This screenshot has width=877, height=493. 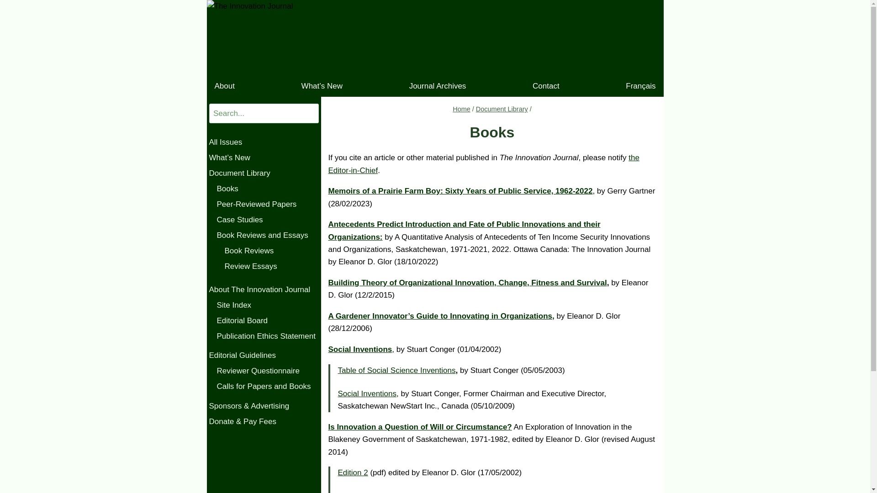 I want to click on 'Editorial Guidelines', so click(x=263, y=355).